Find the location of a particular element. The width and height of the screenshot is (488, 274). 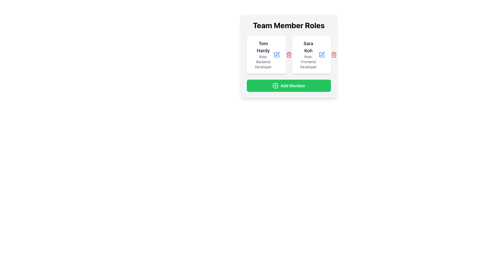

the edit icon button located at the top-right corner of the card labeled 'Tom Hardy' is located at coordinates (277, 54).